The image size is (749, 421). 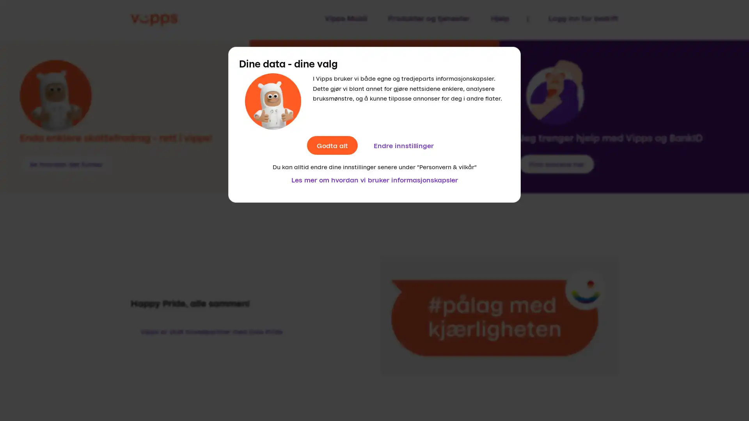 What do you see at coordinates (556, 163) in the screenshot?
I see `Finn svarene her` at bounding box center [556, 163].